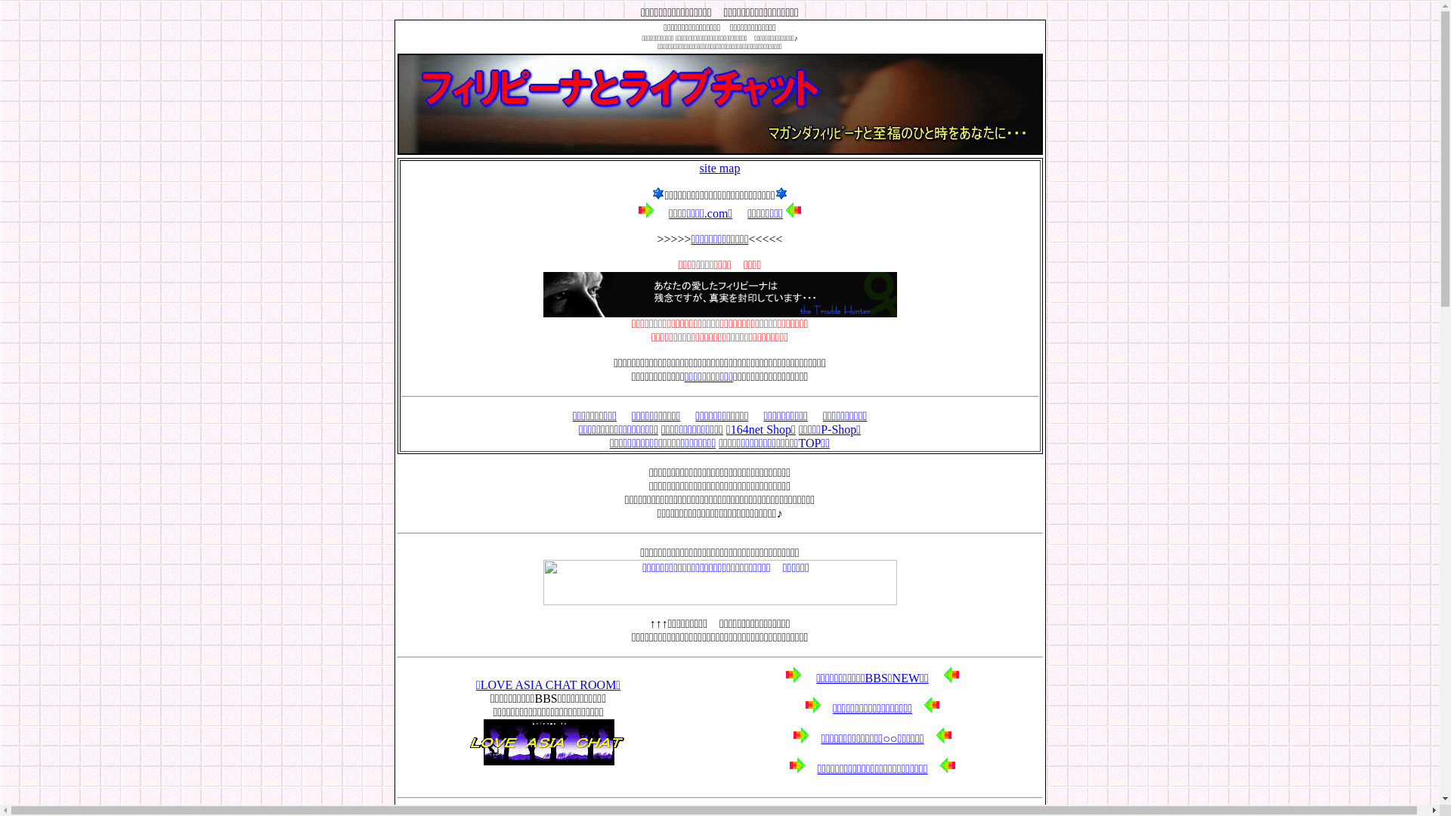  Describe the element at coordinates (719, 168) in the screenshot. I see `'site map'` at that location.